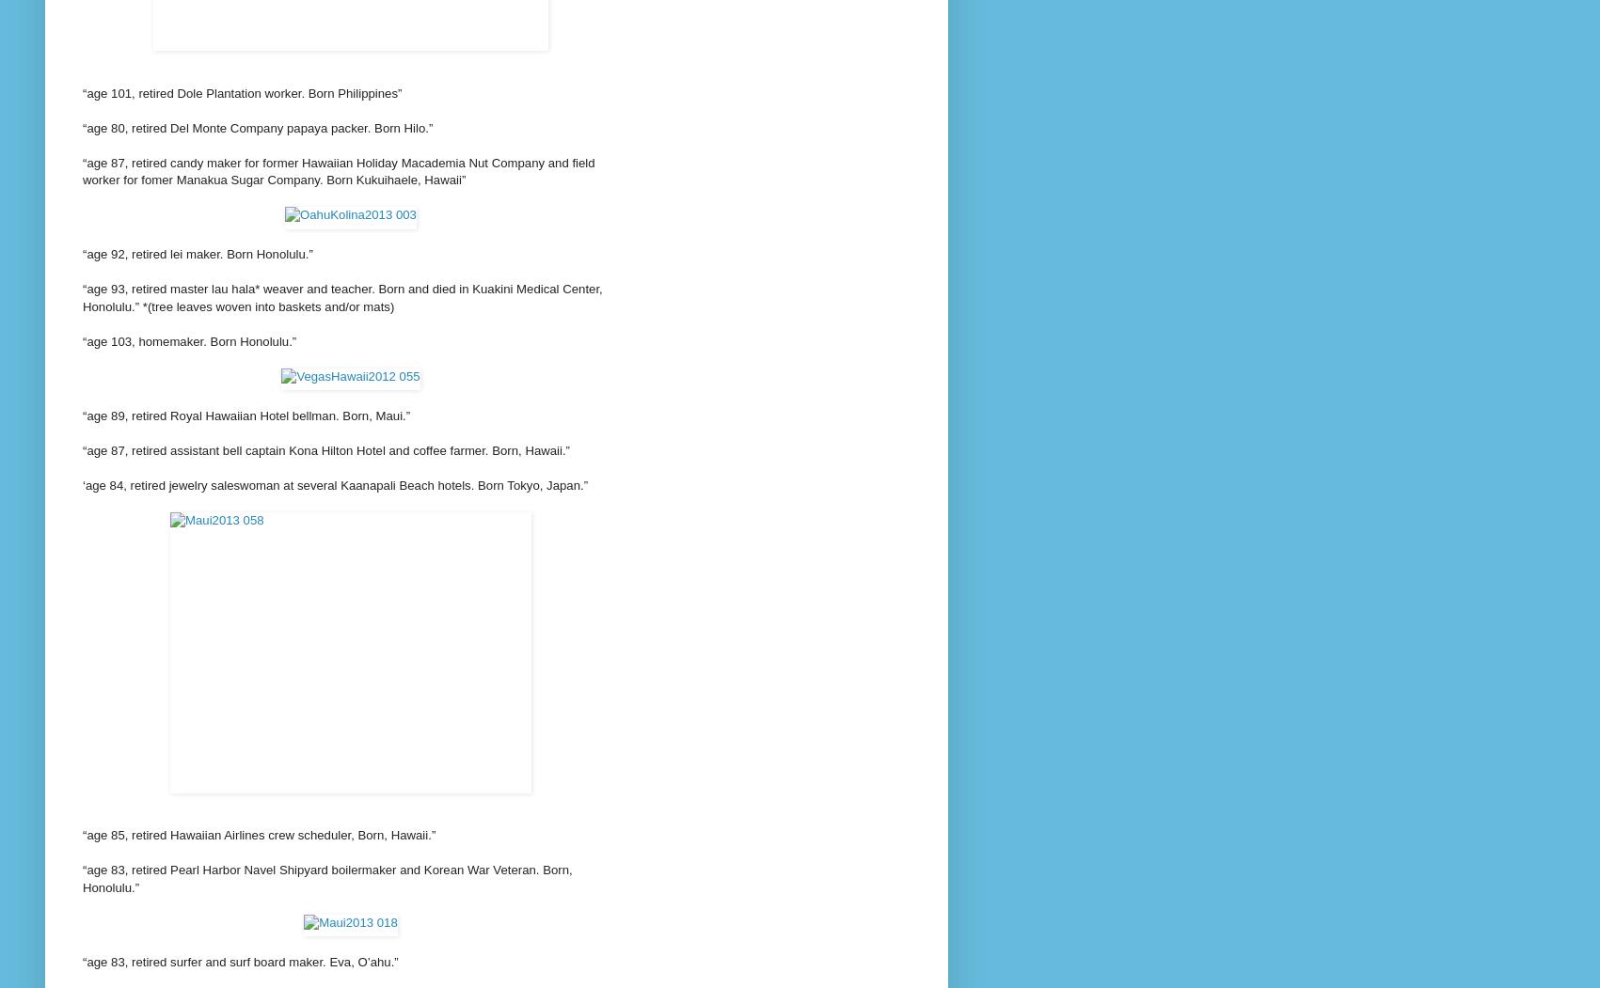 The height and width of the screenshot is (988, 1600). What do you see at coordinates (197, 254) in the screenshot?
I see `'“age 92, retired lei maker. Born Honolulu.”'` at bounding box center [197, 254].